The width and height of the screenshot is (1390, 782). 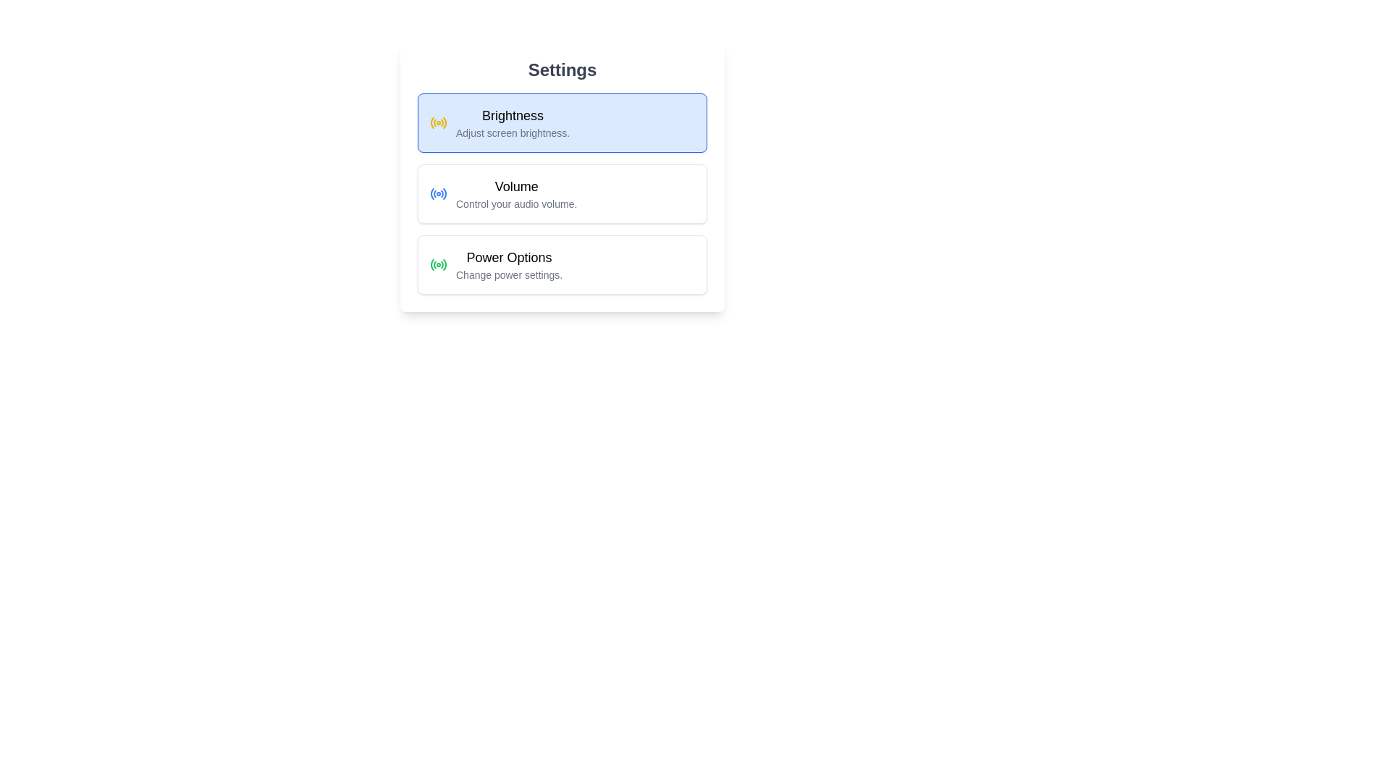 I want to click on the second card in the vertical list containing an icon of a blue wave pattern and the text 'Volume' with the subtitle 'Control your audio volume.', so click(x=562, y=193).